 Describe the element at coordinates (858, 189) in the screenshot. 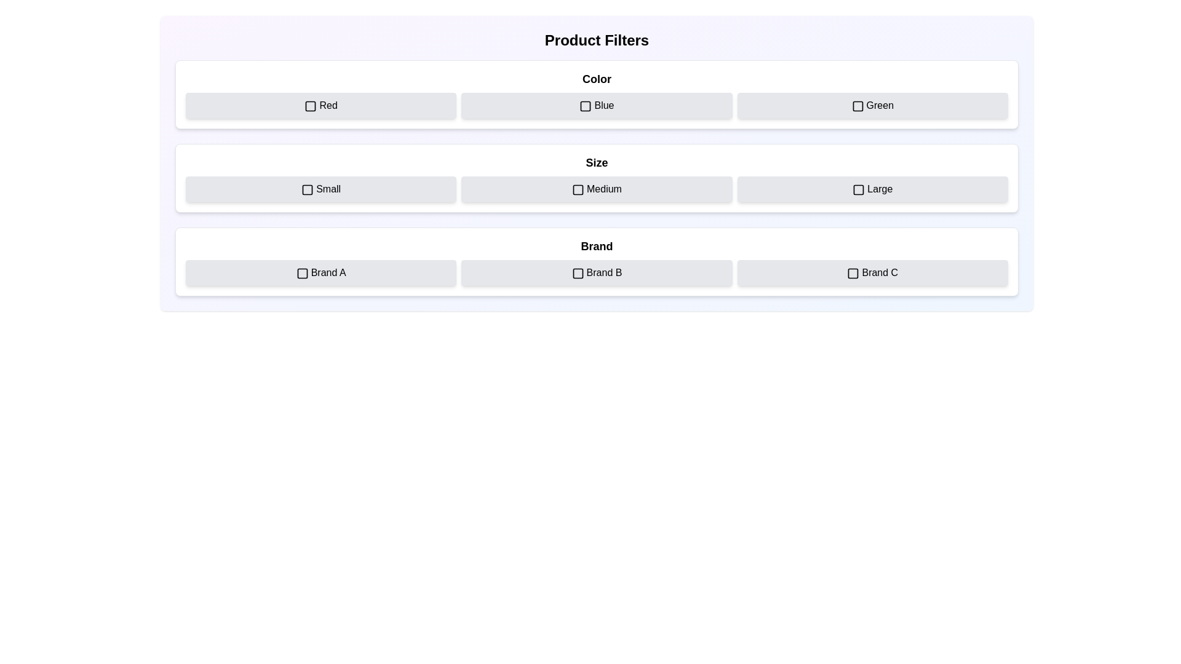

I see `the checkbox visual indicator for the 'Large' option, which is a hollow rounded rectangular box located` at that location.